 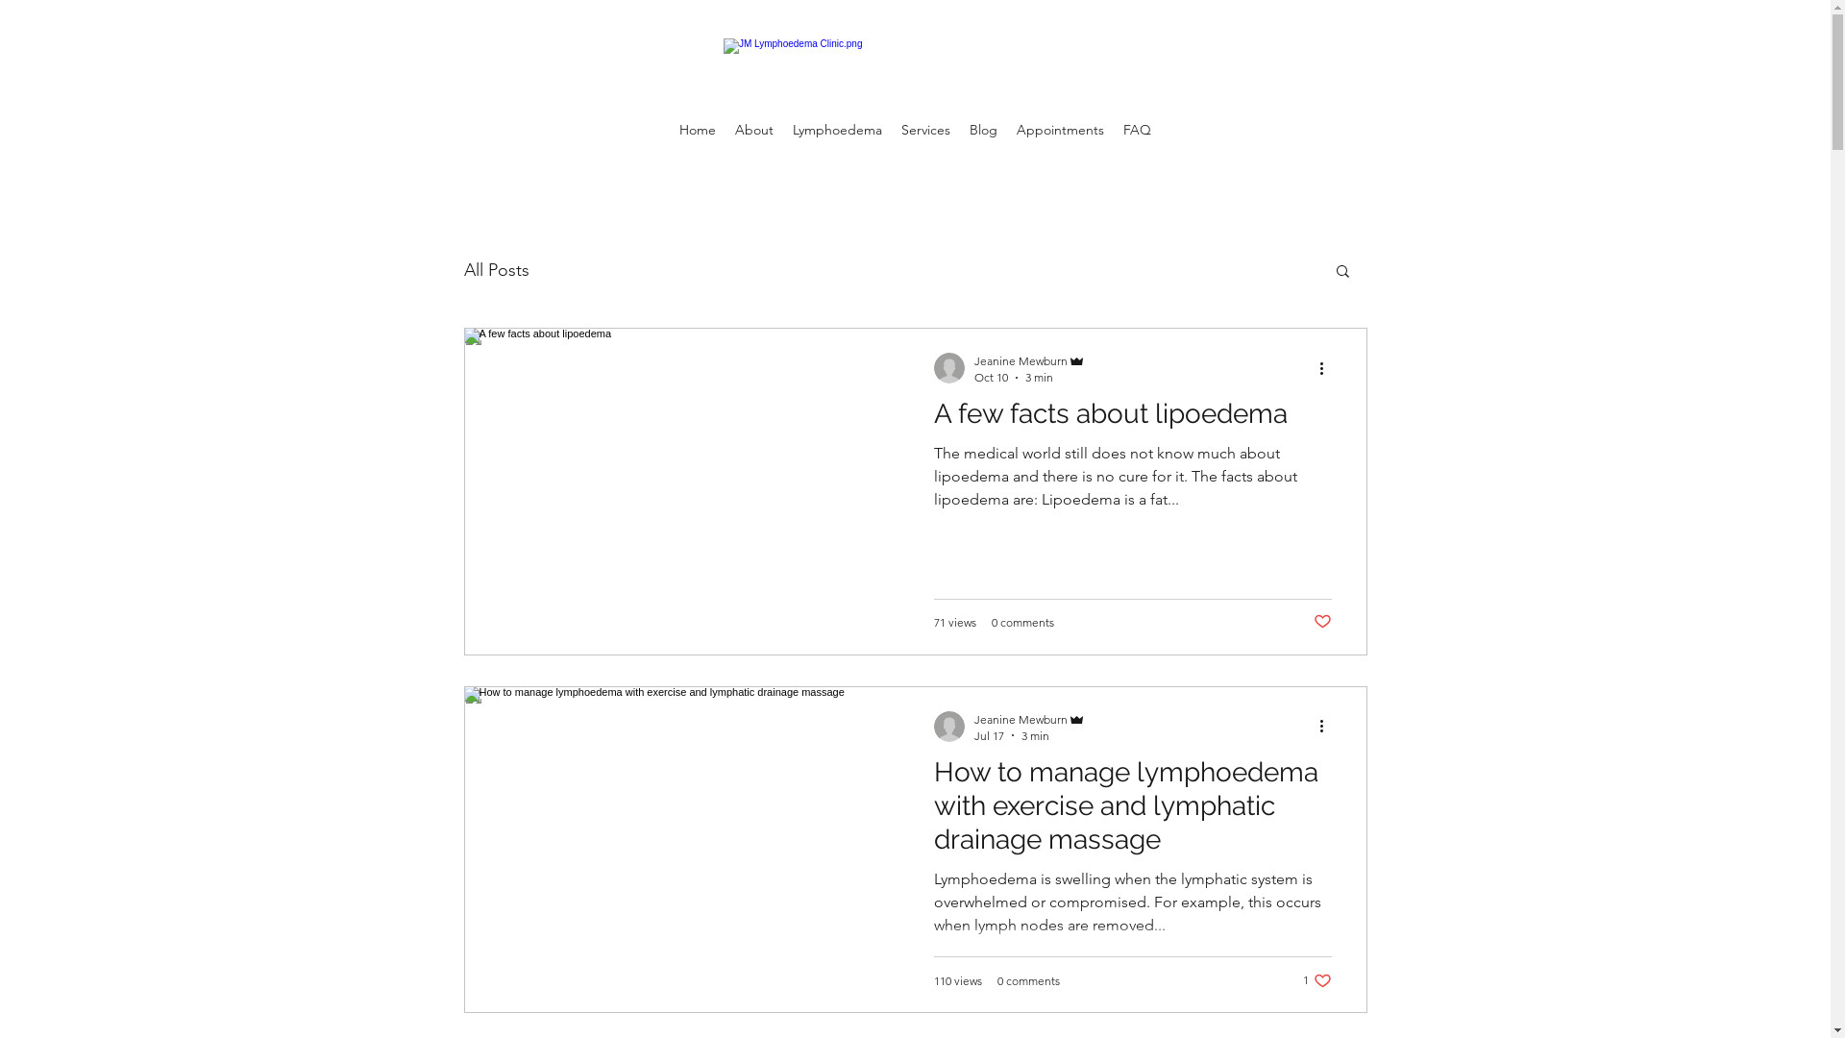 I want to click on '0 comments', so click(x=1027, y=979).